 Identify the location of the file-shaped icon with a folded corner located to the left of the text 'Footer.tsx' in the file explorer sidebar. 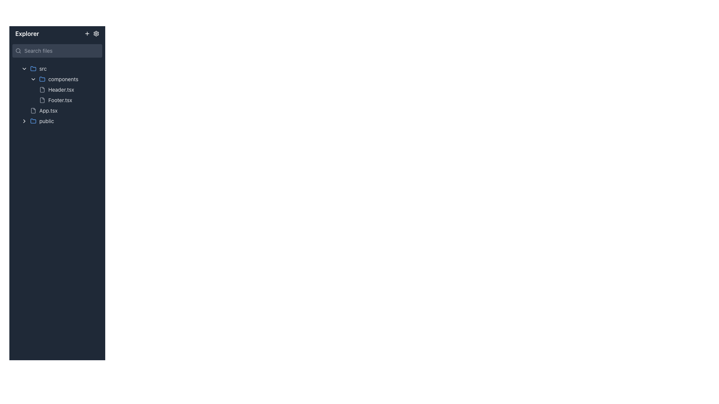
(42, 100).